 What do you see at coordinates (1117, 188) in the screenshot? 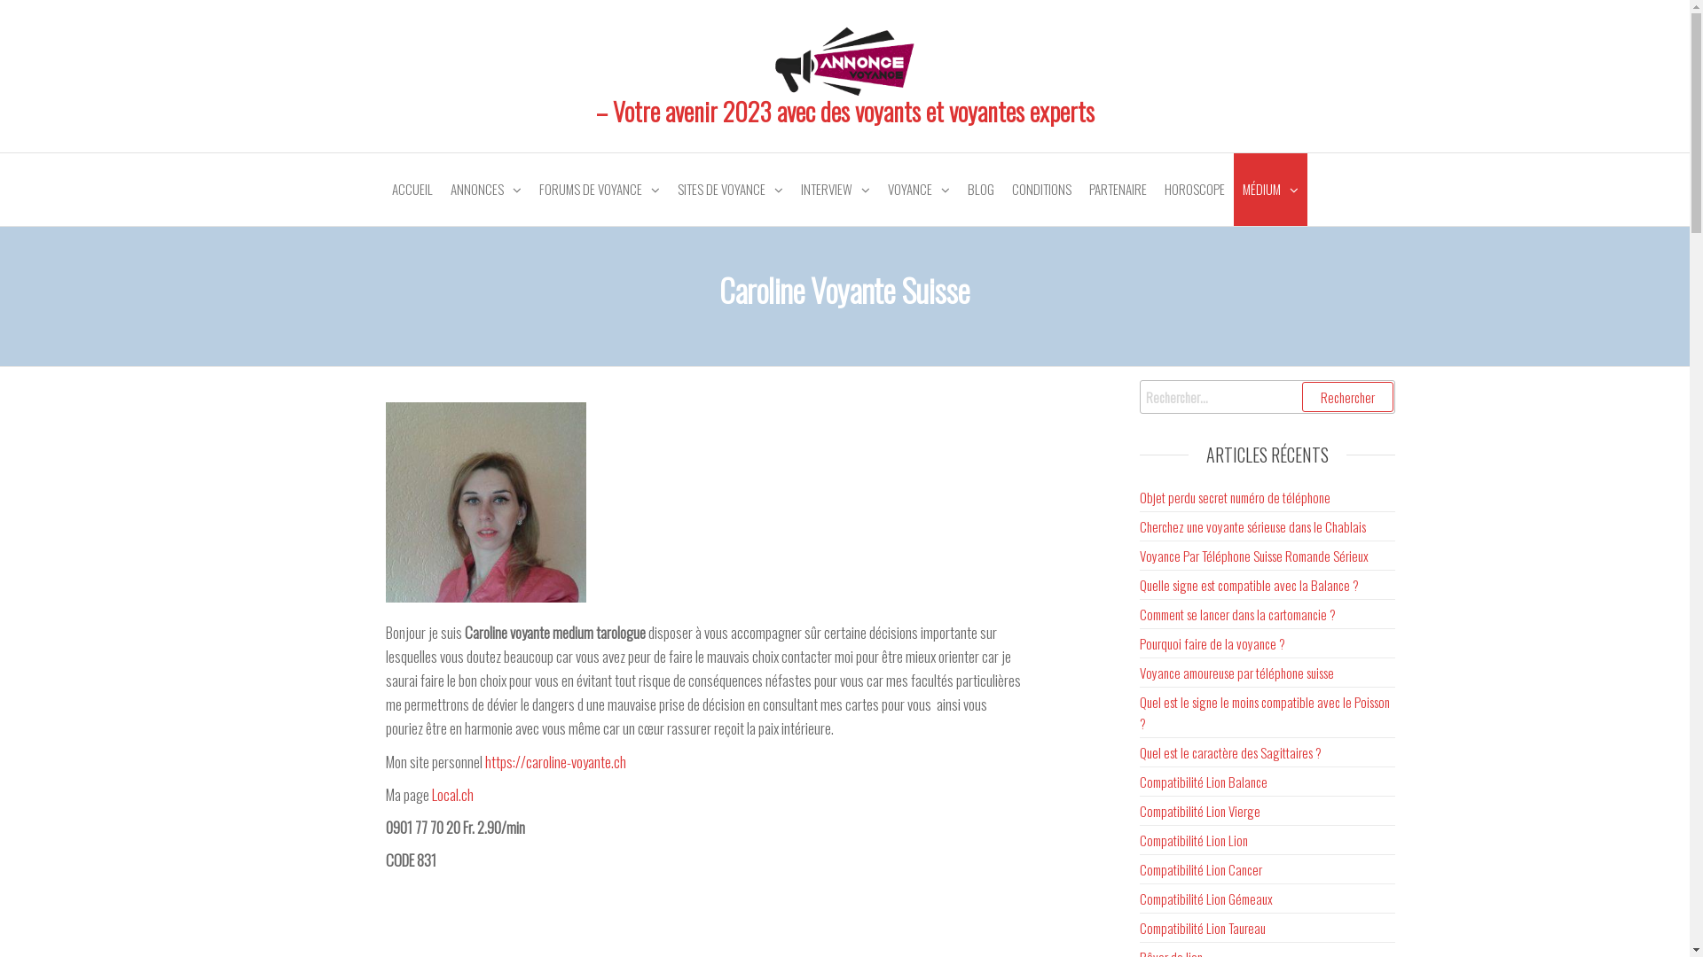
I see `'PARTENAIRE'` at bounding box center [1117, 188].